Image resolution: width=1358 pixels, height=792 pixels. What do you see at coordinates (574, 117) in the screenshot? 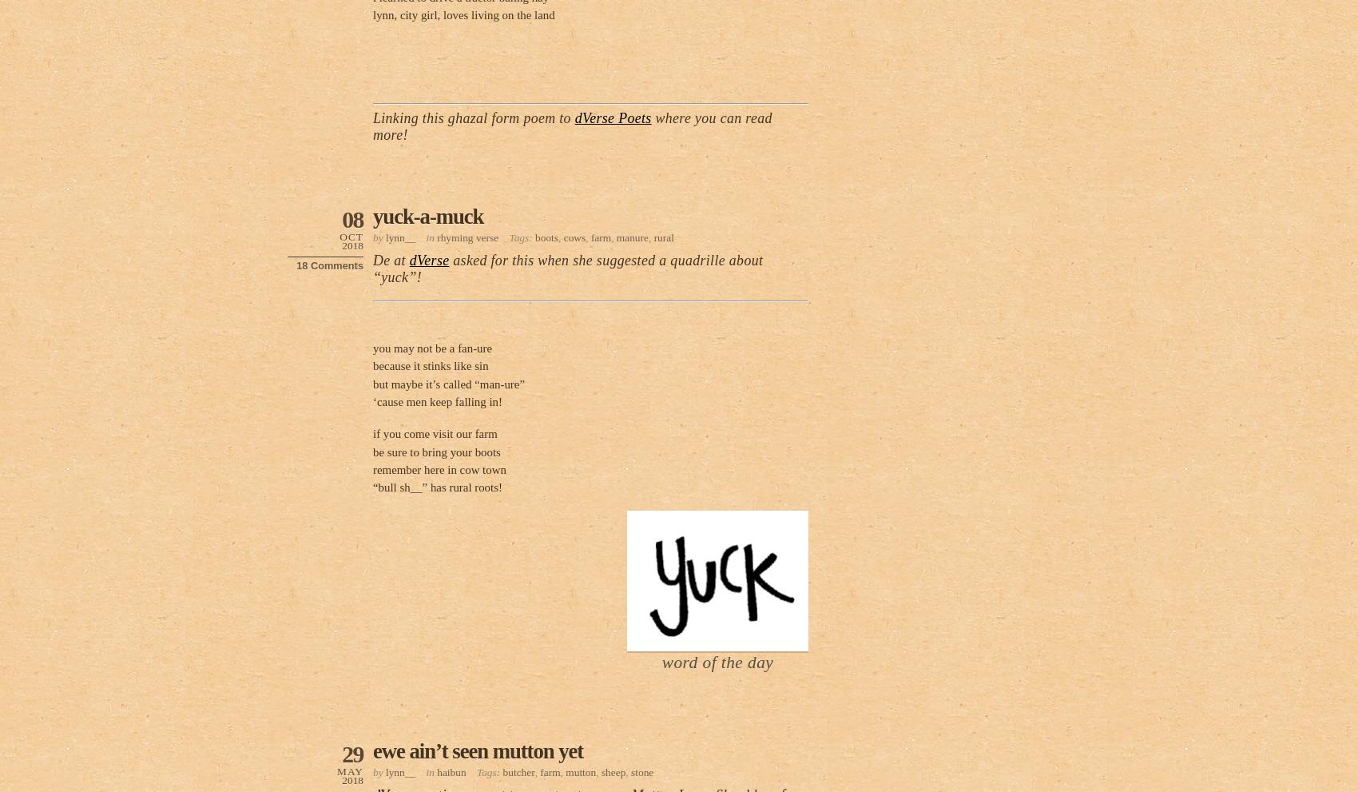
I see `'dVerse Poets'` at bounding box center [574, 117].